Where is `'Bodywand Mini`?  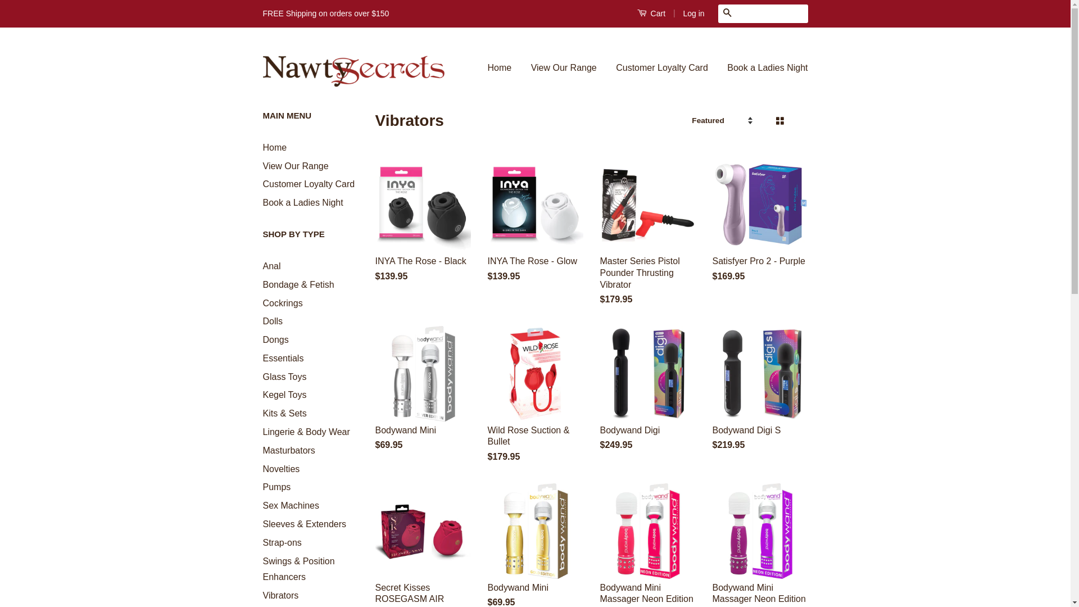 'Bodywand Mini is located at coordinates (375, 398).